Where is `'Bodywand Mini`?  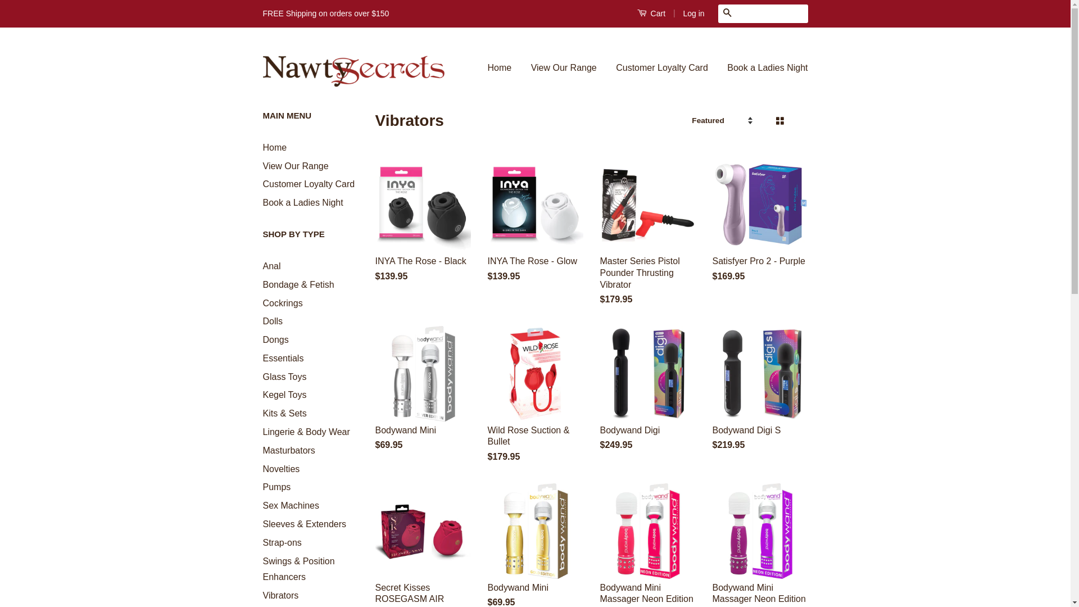 'Bodywand Mini is located at coordinates (375, 398).